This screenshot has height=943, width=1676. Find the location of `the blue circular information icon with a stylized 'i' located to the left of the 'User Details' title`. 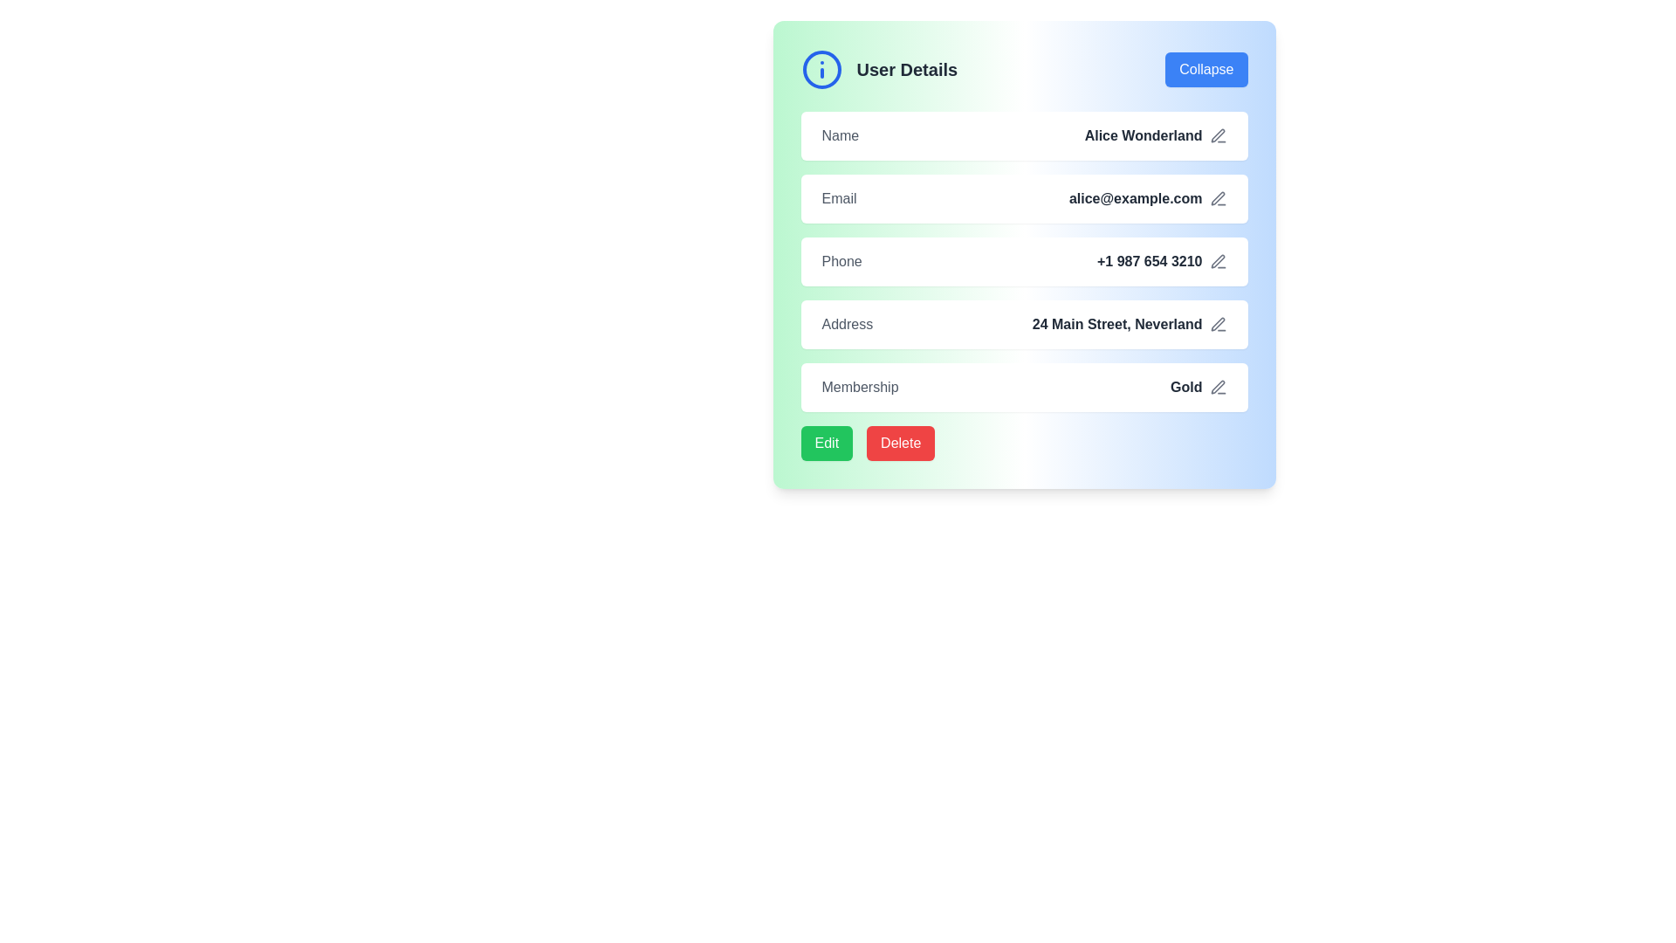

the blue circular information icon with a stylized 'i' located to the left of the 'User Details' title is located at coordinates (821, 69).